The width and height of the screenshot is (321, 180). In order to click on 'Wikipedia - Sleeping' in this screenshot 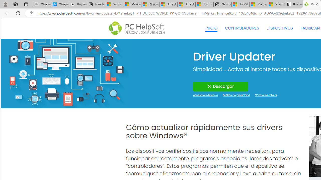, I will do `click(42, 4)`.